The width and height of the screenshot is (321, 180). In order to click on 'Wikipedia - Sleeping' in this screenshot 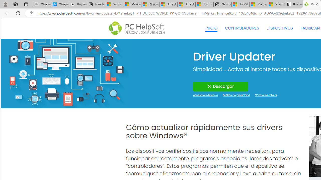, I will do `click(42, 4)`.